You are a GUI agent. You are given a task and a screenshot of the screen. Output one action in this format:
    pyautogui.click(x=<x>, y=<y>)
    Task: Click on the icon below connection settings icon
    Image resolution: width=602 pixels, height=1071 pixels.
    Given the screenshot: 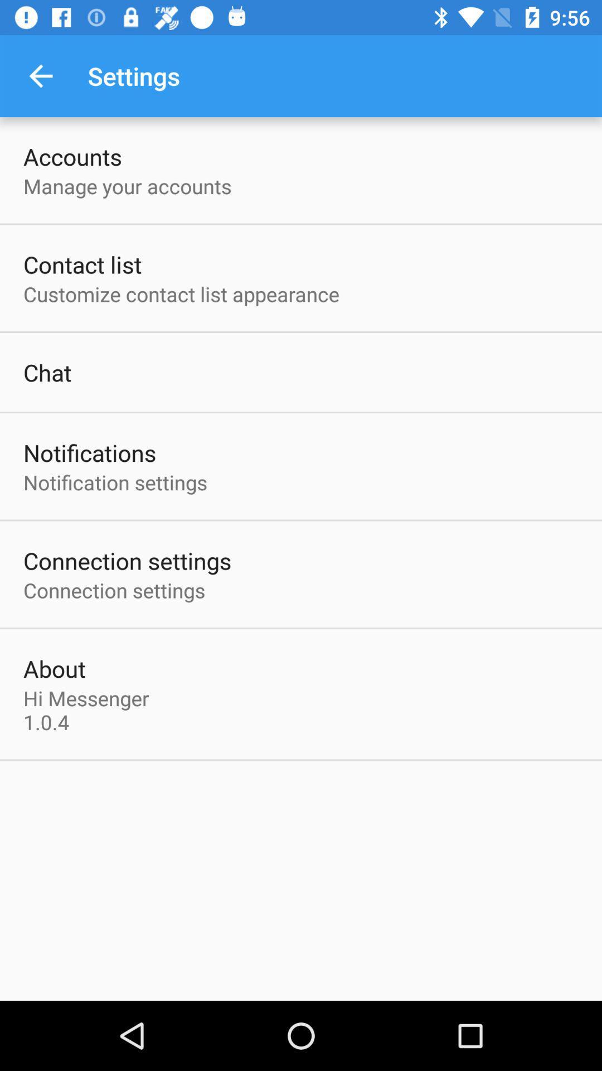 What is the action you would take?
    pyautogui.click(x=54, y=668)
    